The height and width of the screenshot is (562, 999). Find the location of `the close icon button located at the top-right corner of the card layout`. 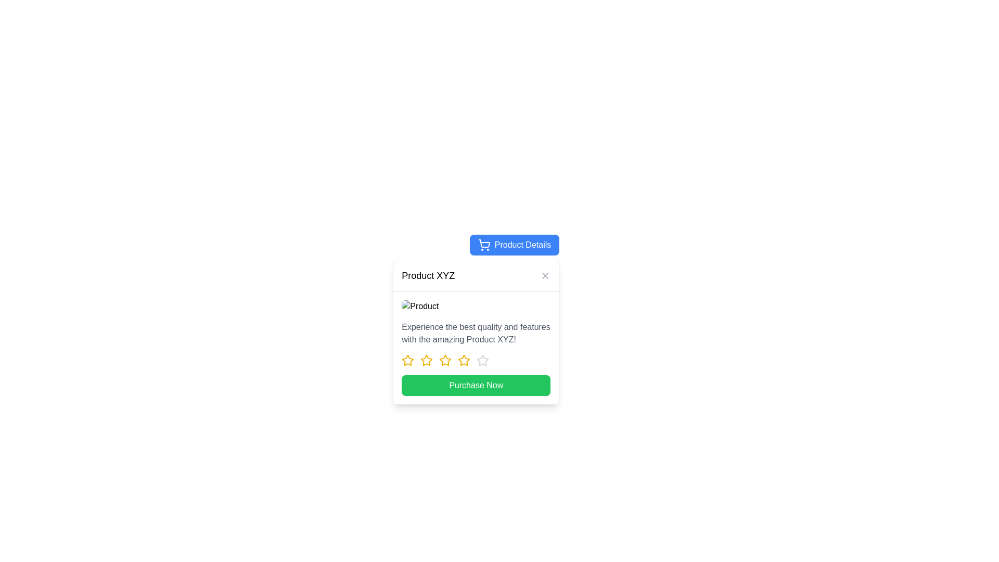

the close icon button located at the top-right corner of the card layout is located at coordinates (545, 275).